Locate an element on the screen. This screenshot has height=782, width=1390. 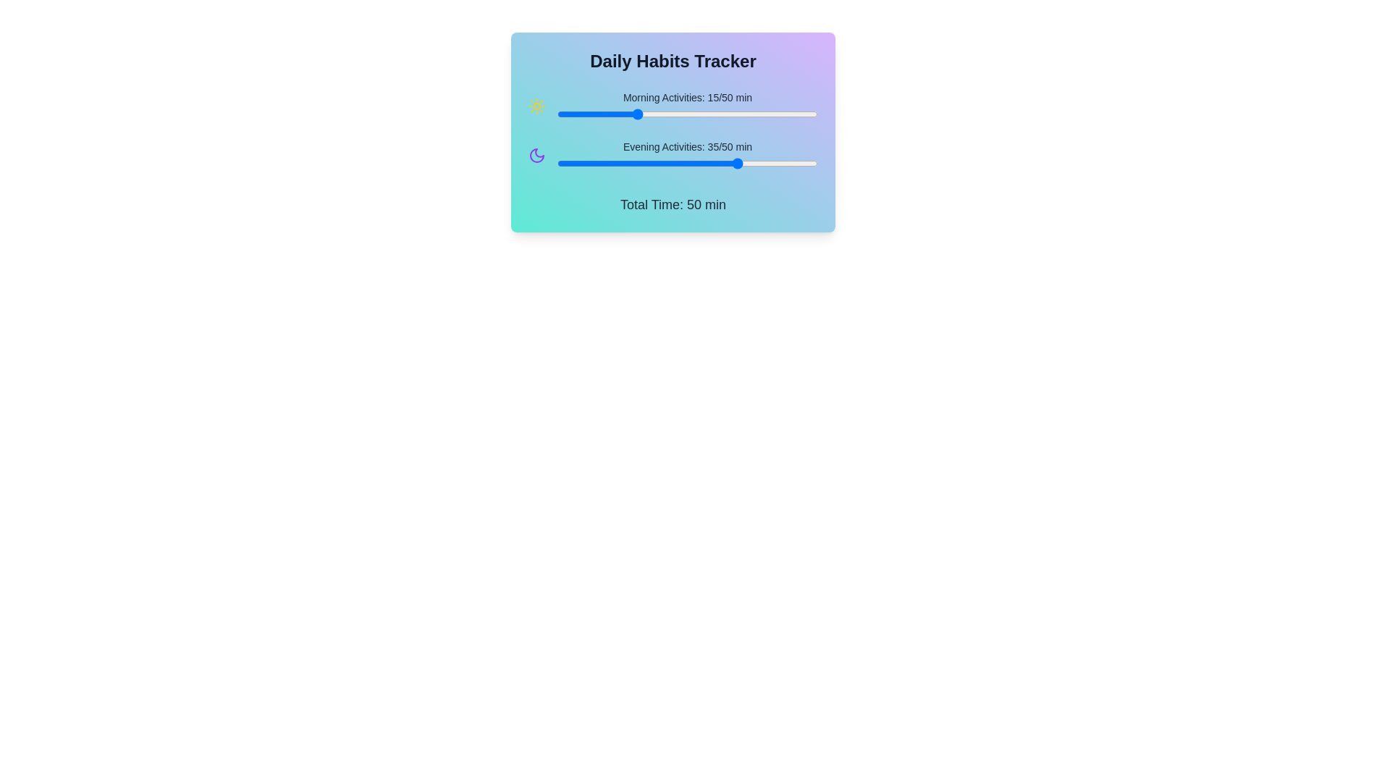
the progress bars labeled 'Morning Activities: 15/50 min' and 'Evening Activities: 35/50 min' if they are adjustable, located in the Daily Habits Tracker card is located at coordinates (673, 131).